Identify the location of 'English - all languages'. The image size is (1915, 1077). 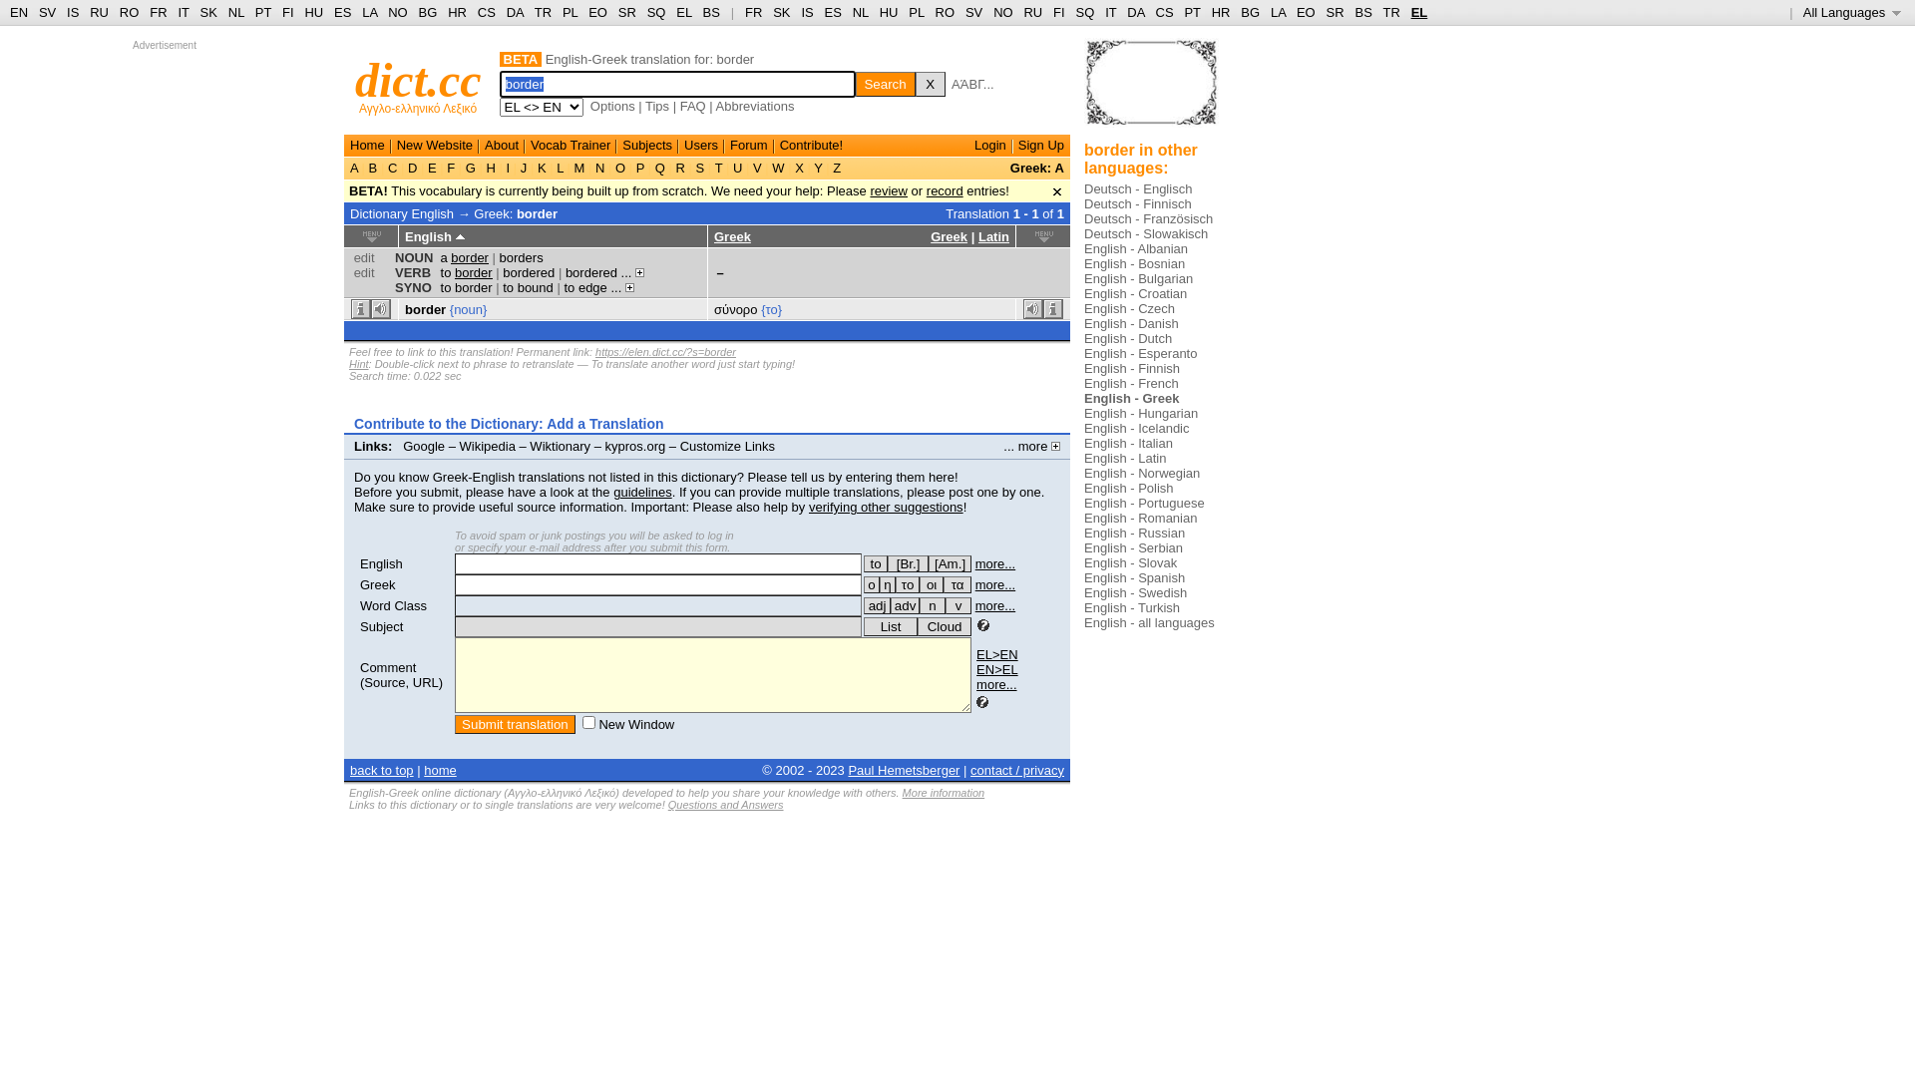
(1149, 621).